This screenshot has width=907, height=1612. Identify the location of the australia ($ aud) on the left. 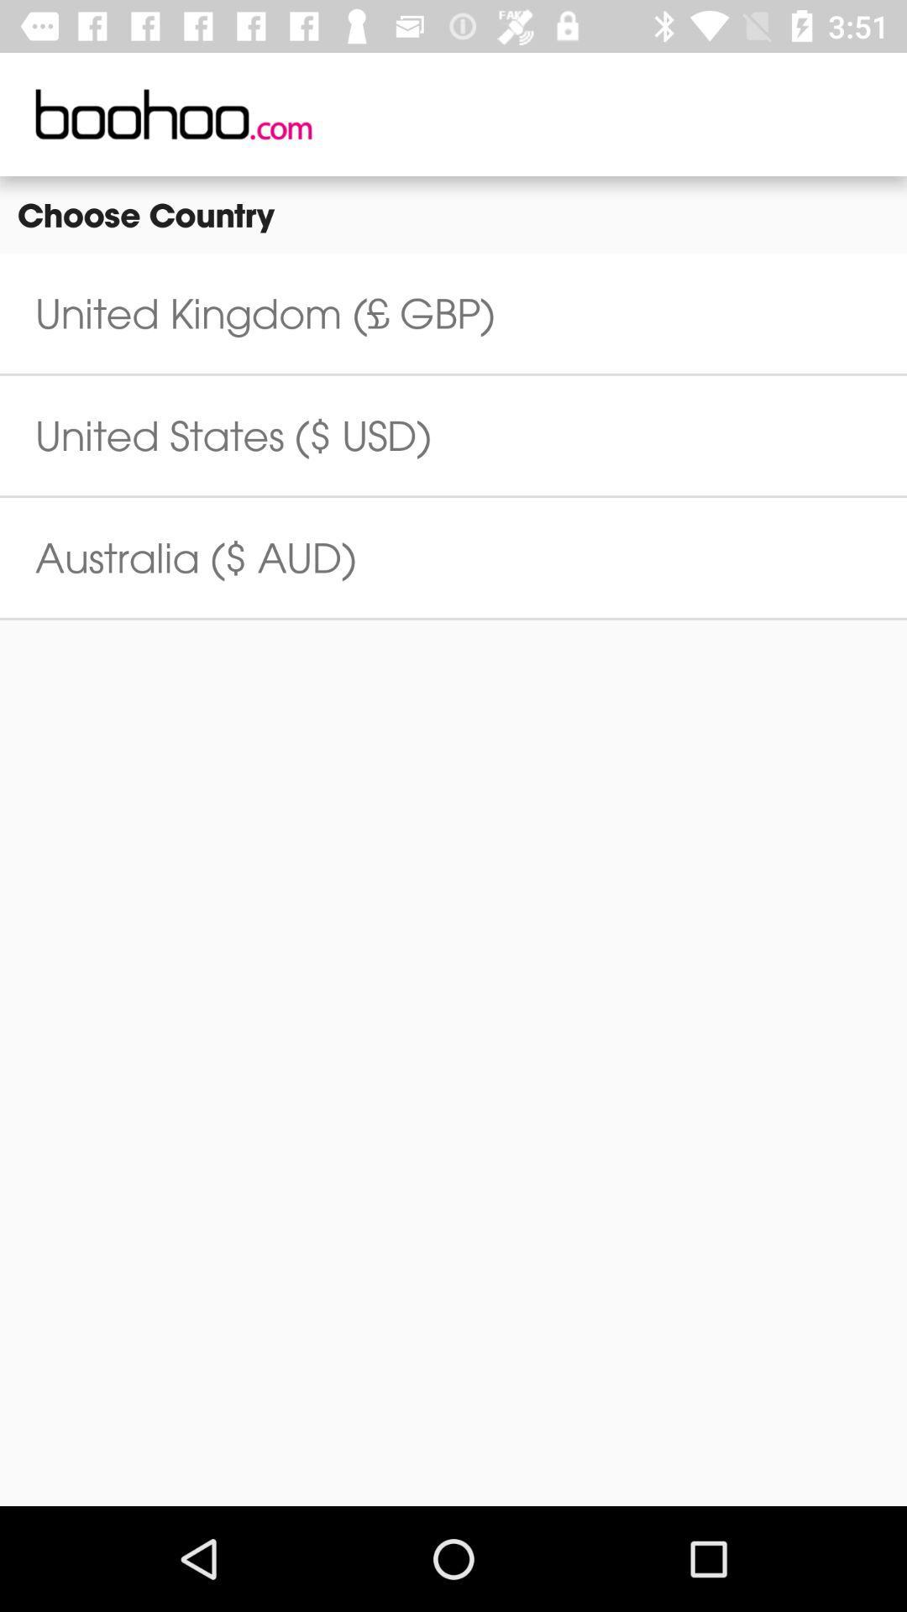
(195, 557).